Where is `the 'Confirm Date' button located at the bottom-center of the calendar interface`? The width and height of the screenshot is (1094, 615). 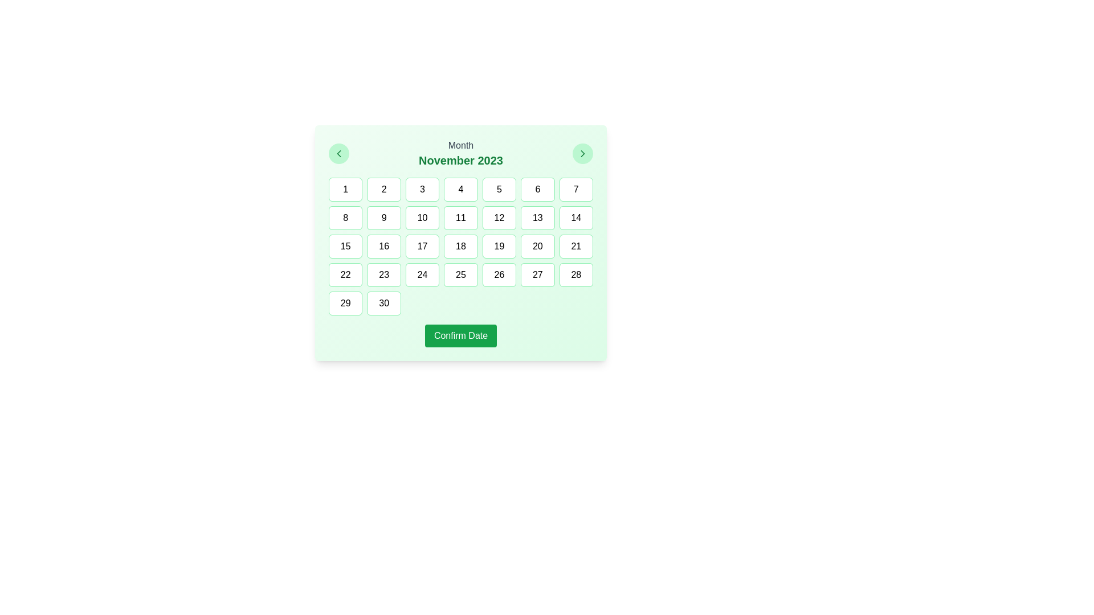
the 'Confirm Date' button located at the bottom-center of the calendar interface is located at coordinates (461, 335).